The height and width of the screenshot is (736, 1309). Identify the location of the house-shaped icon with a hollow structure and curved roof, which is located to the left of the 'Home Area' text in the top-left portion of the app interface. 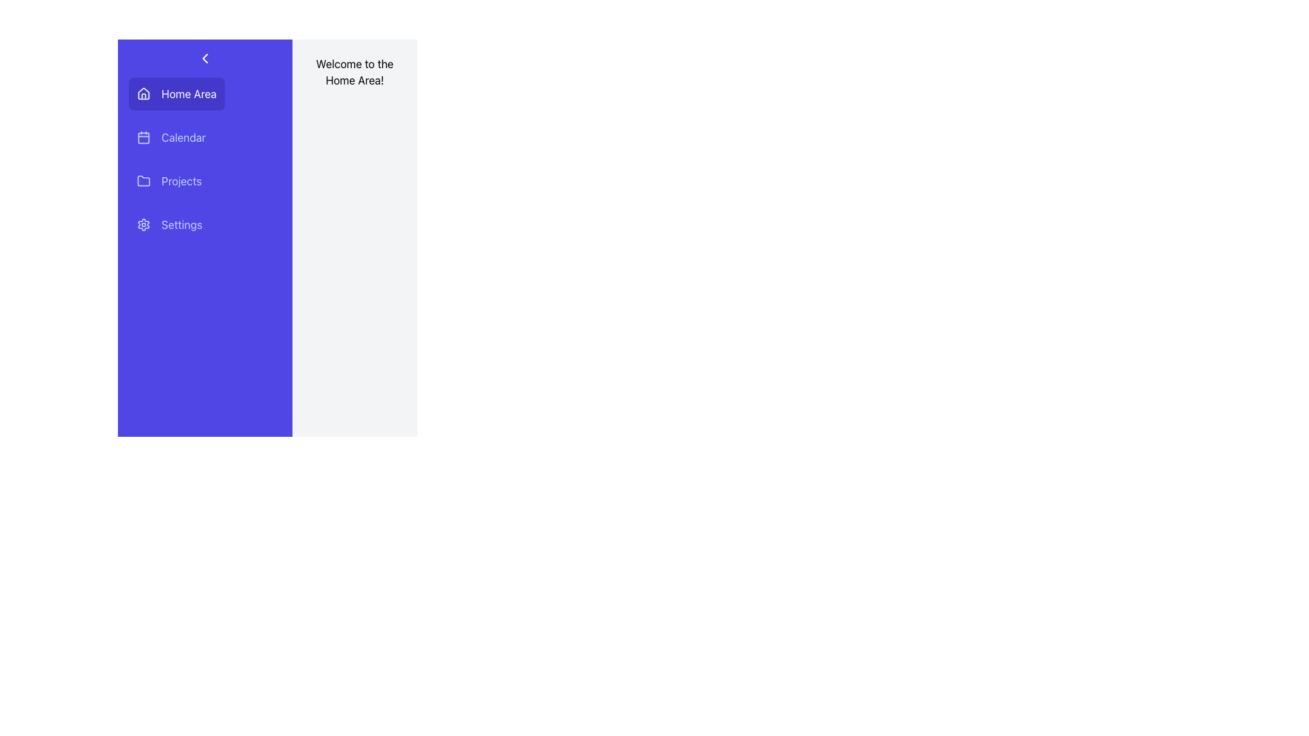
(144, 93).